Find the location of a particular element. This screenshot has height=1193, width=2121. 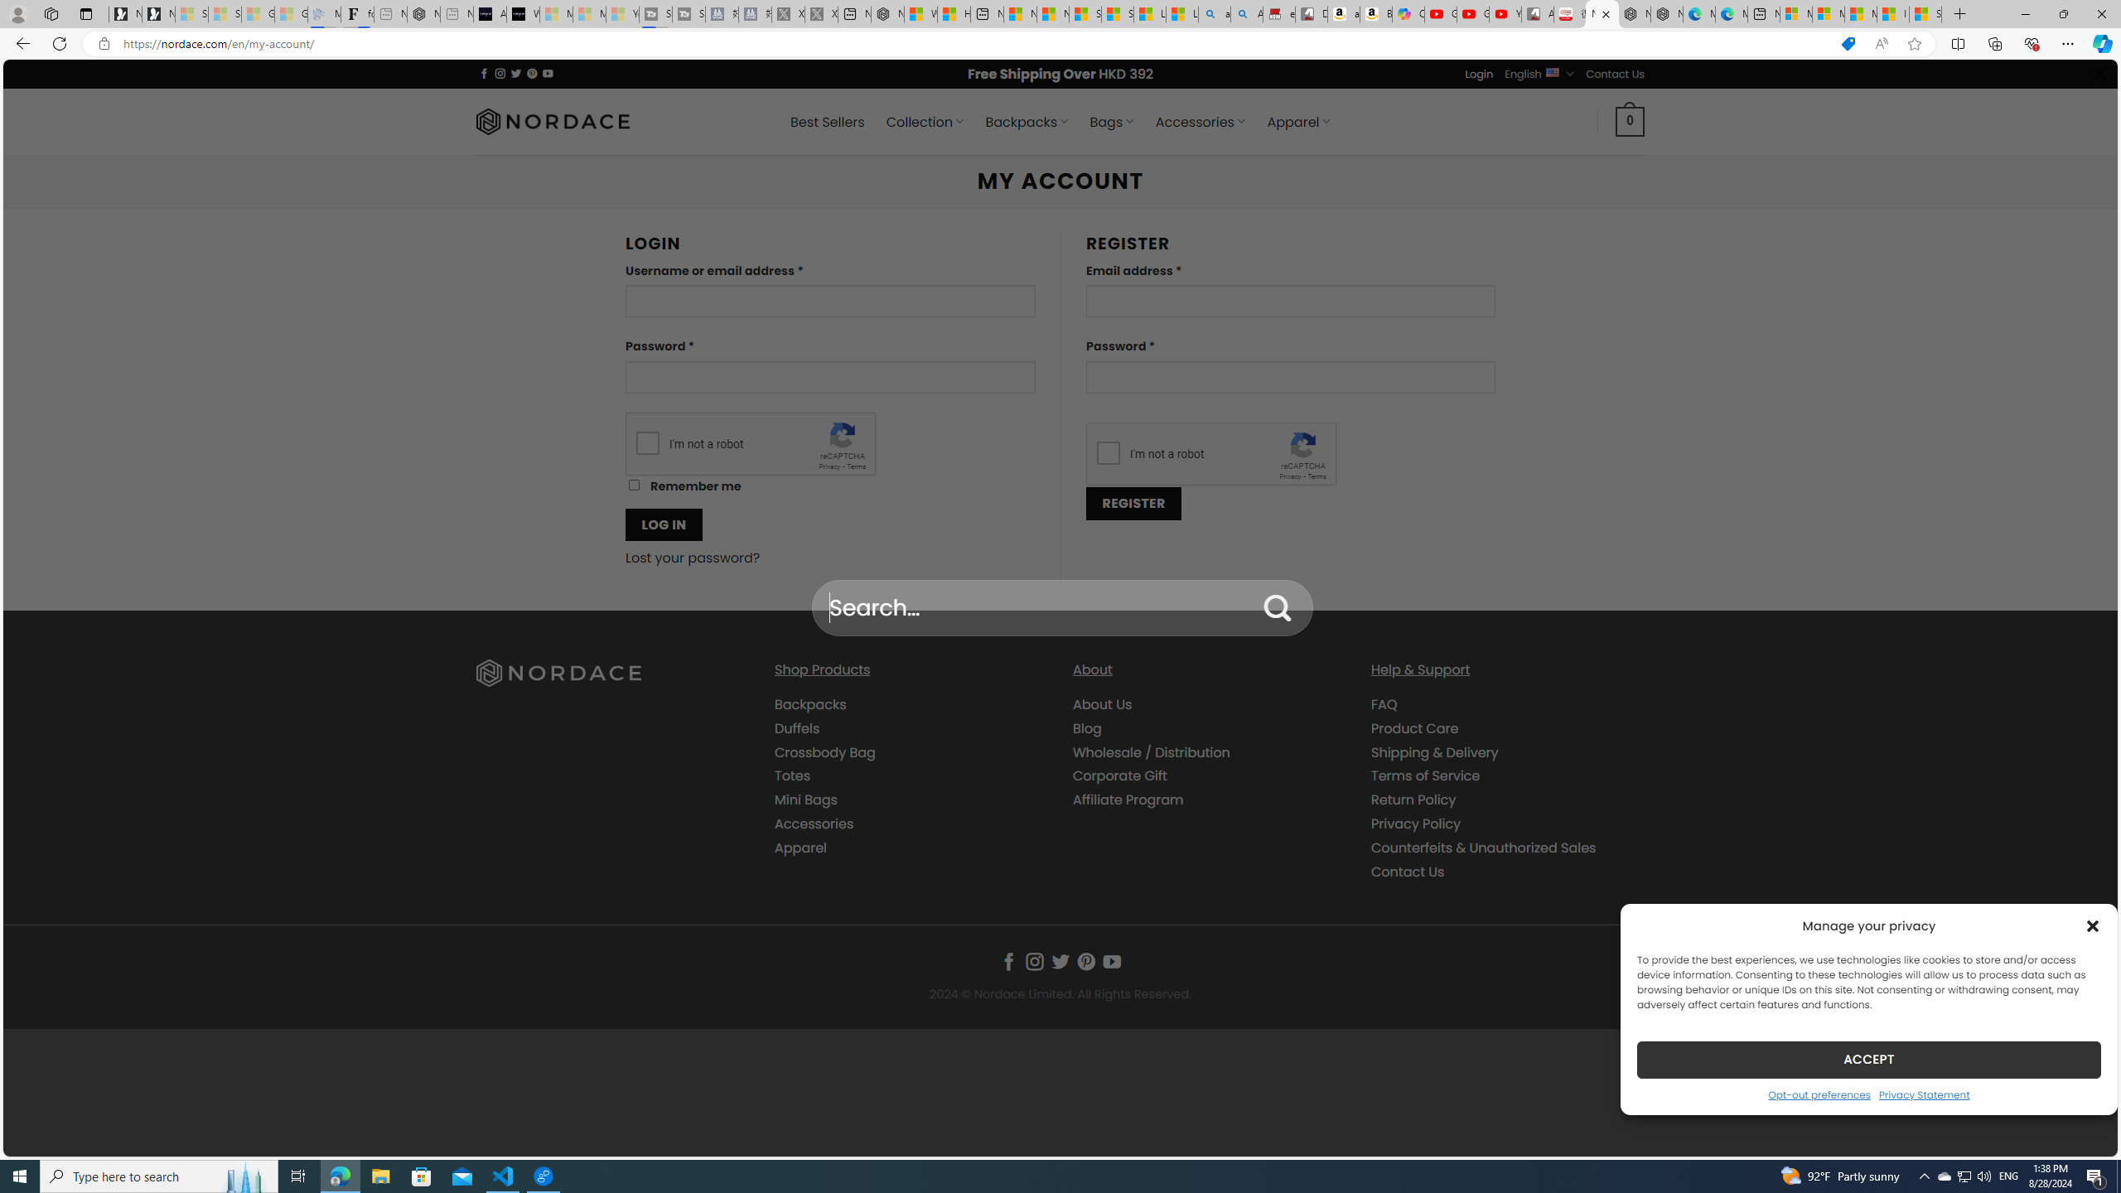

'amazon.in/dp/B0CX59H5W7/?tag=gsmcom05-21' is located at coordinates (1344, 13).